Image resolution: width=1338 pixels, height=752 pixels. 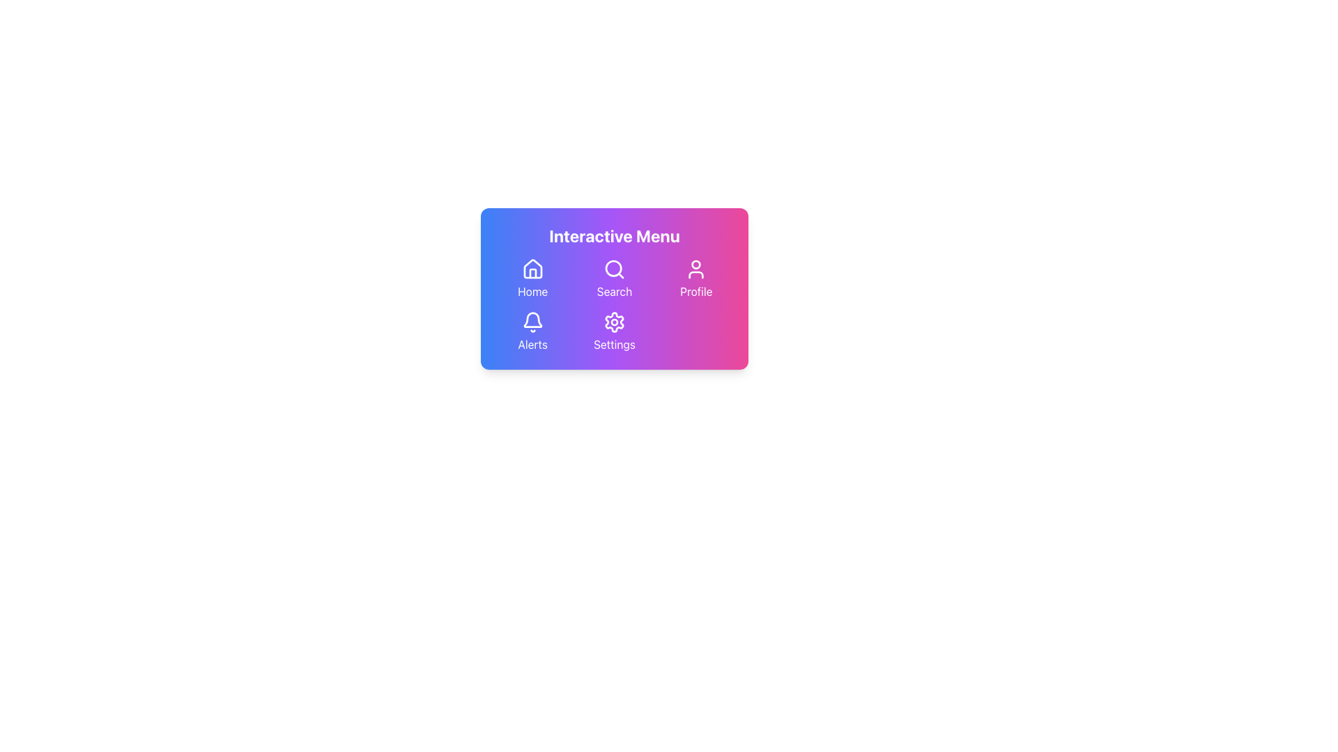 I want to click on the 'Profile' button, which features a white profile icon above the text 'Profile', located in the top-right portion of a minimalistic menu interface with a gradient purple background, so click(x=696, y=279).